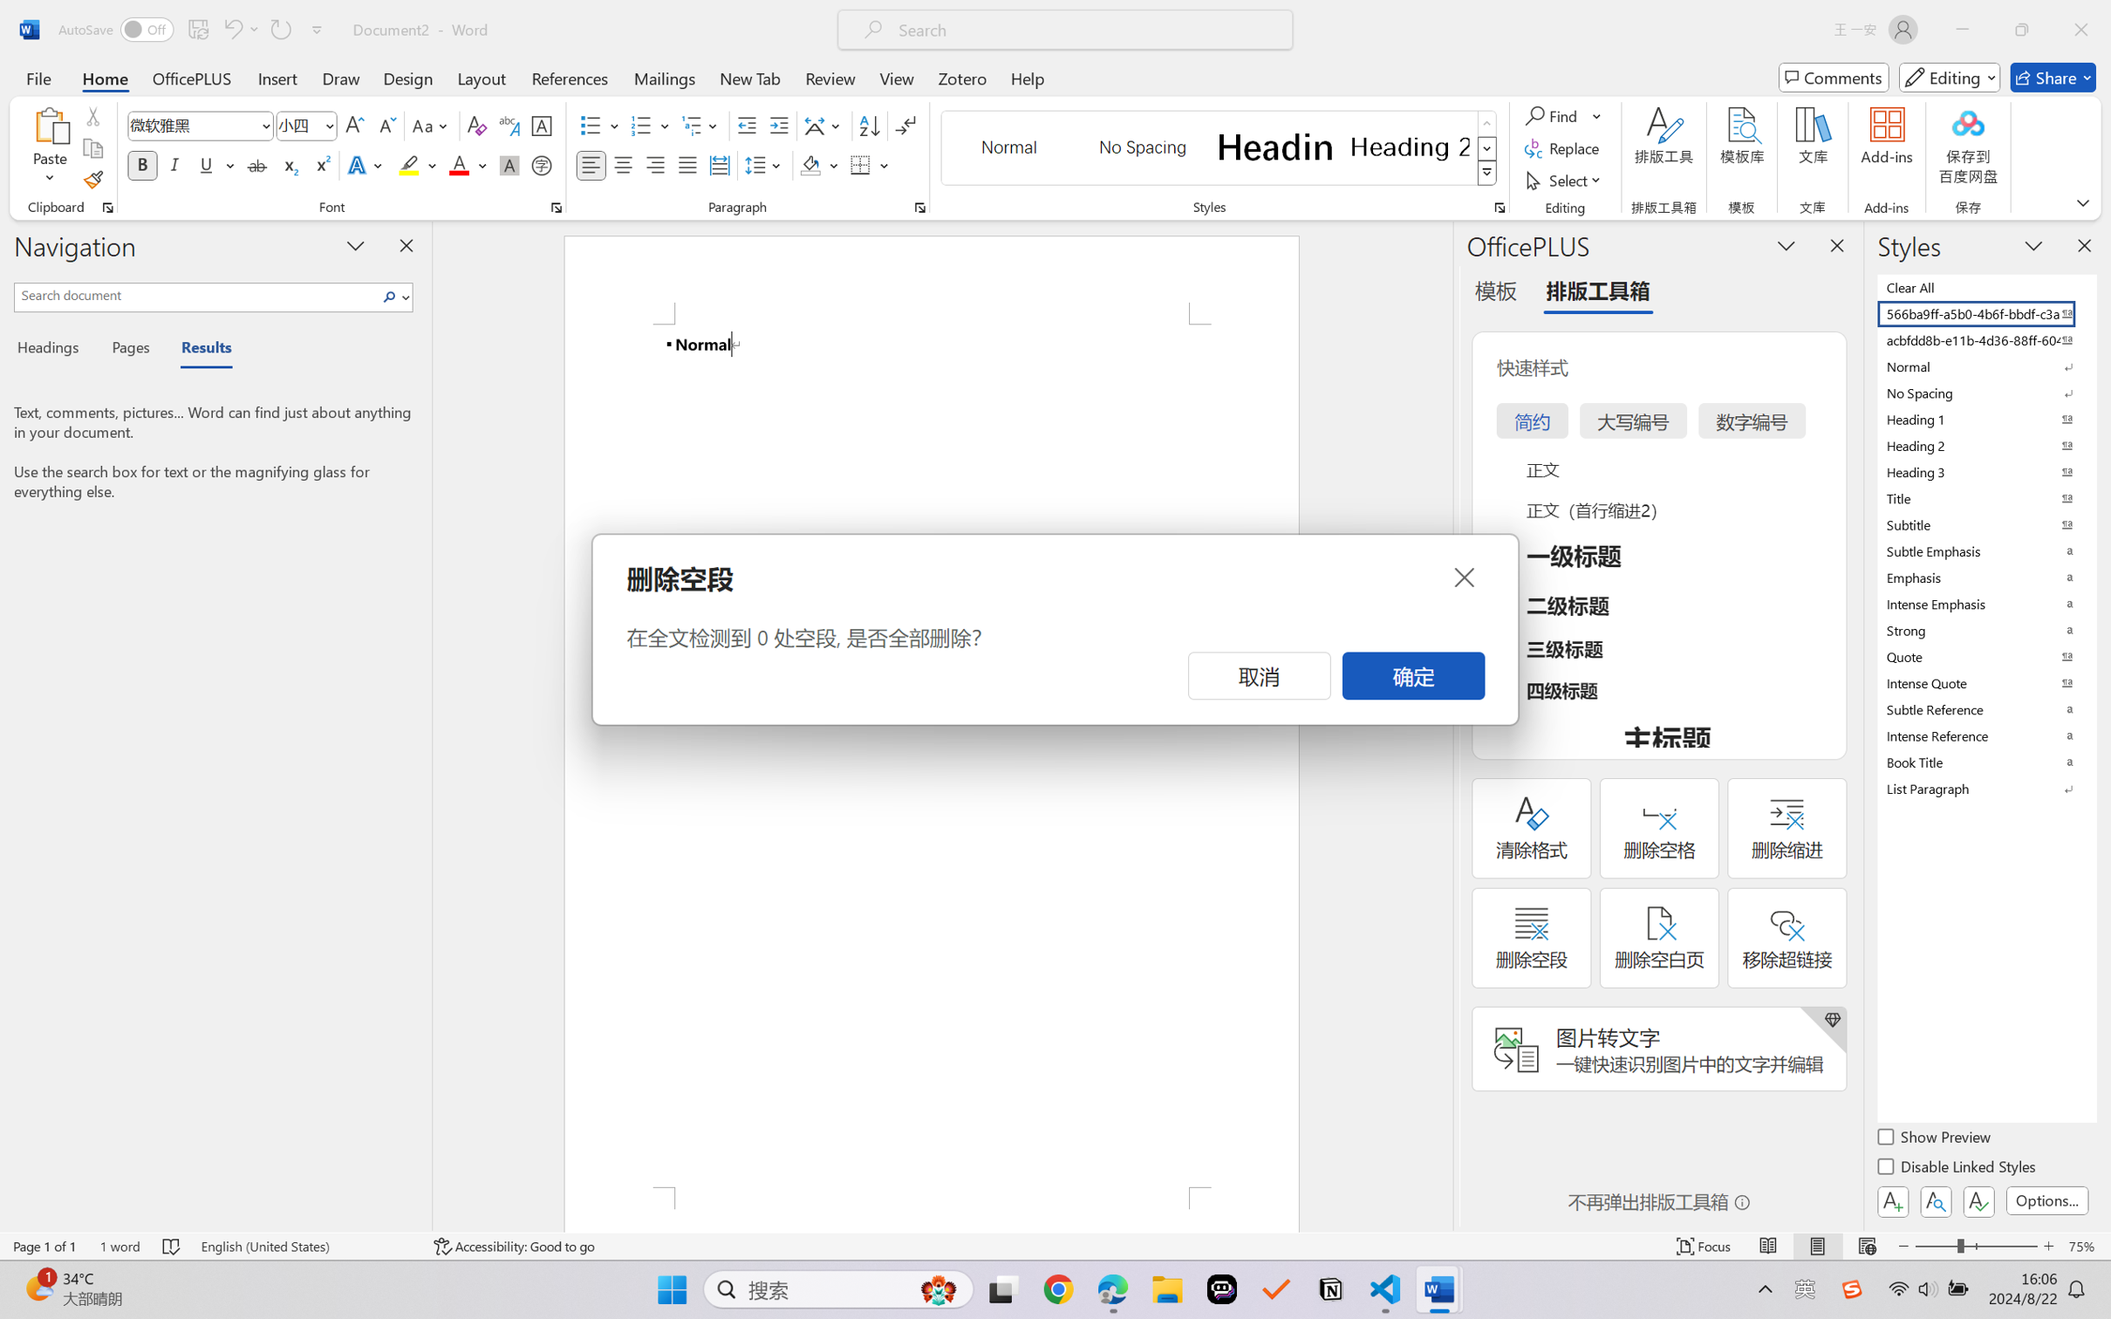  I want to click on 'Layout', so click(480, 77).